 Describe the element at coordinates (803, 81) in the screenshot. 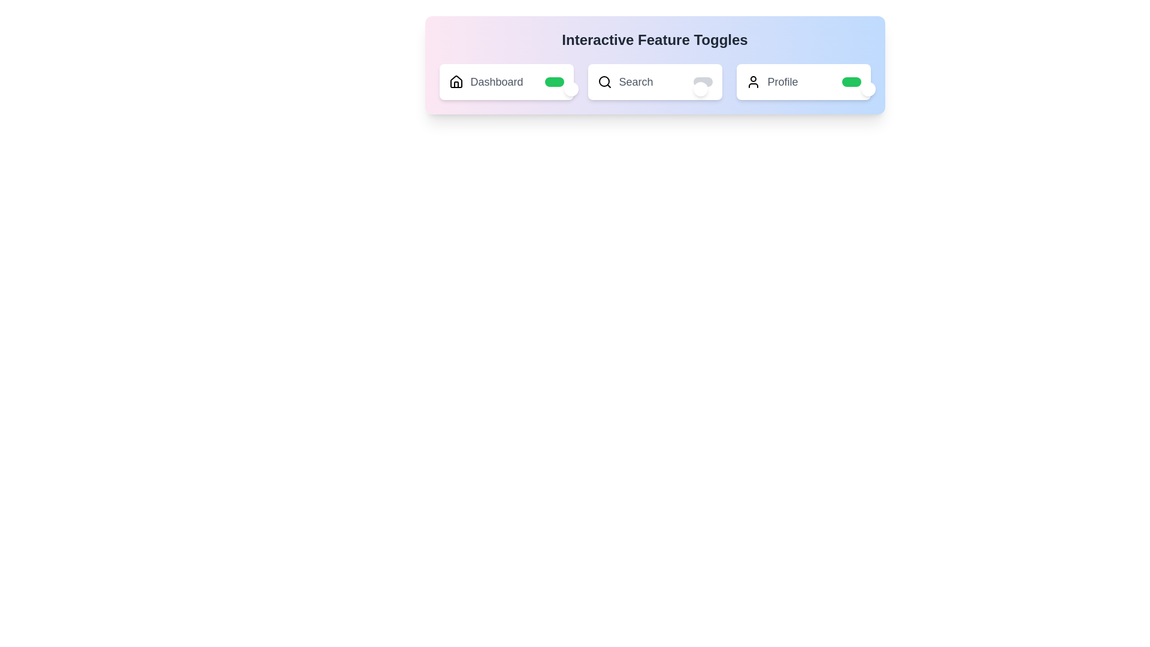

I see `the label Profile to toggle its state` at that location.